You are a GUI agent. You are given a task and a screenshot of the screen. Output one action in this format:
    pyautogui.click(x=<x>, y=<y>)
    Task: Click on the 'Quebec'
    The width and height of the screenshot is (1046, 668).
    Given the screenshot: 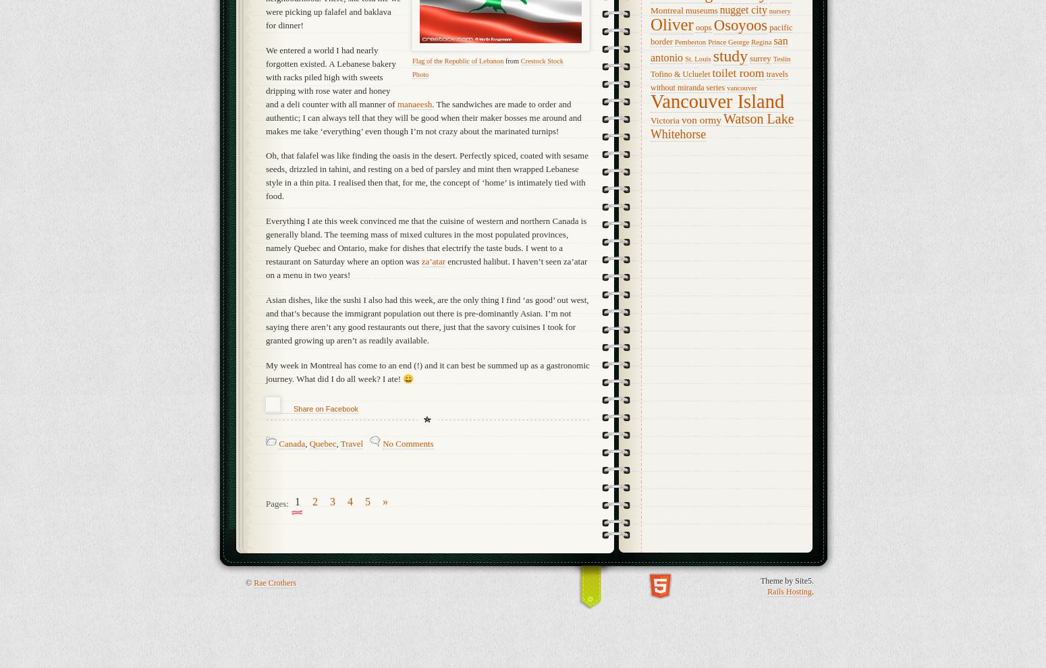 What is the action you would take?
    pyautogui.click(x=322, y=443)
    